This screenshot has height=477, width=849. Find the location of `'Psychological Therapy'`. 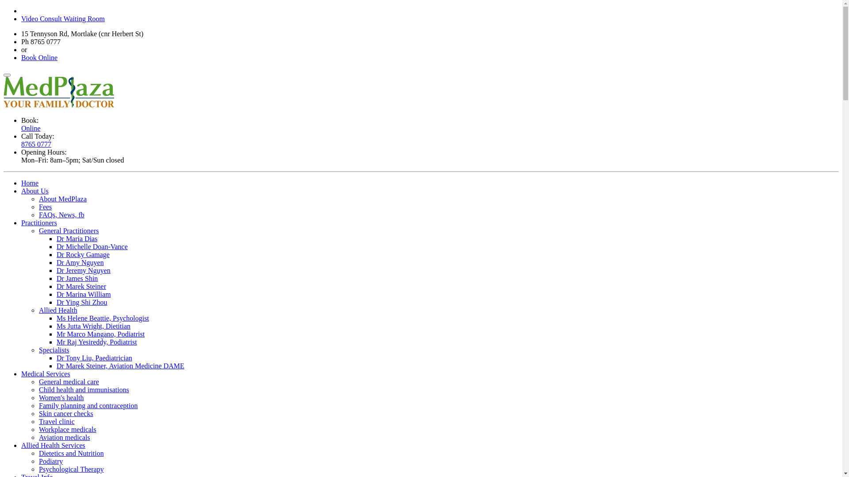

'Psychological Therapy' is located at coordinates (71, 469).